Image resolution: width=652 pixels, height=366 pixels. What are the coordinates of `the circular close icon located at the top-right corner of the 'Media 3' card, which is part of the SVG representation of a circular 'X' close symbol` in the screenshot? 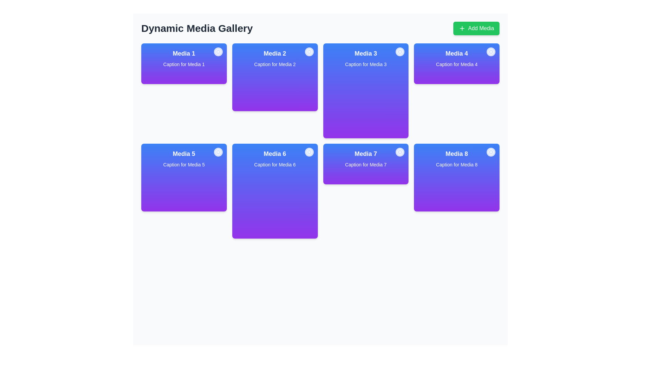 It's located at (400, 52).